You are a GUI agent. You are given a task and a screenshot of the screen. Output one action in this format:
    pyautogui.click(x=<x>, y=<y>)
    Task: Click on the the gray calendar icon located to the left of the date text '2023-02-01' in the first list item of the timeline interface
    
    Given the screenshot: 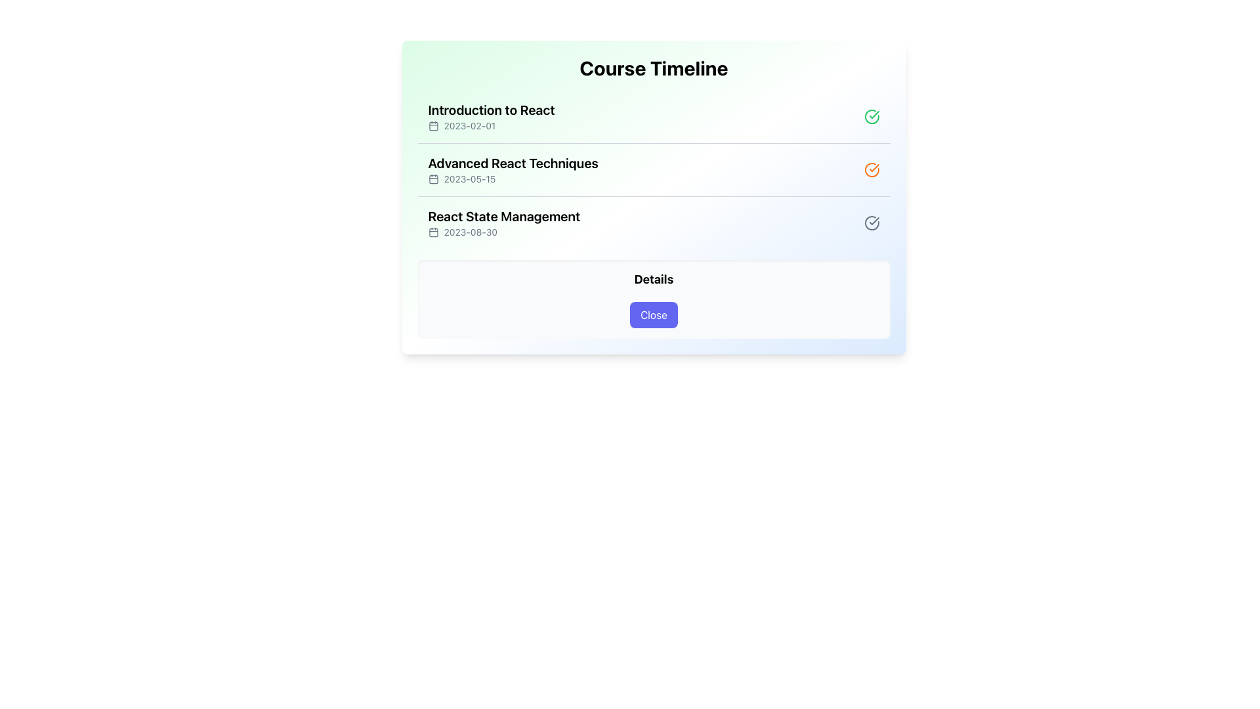 What is the action you would take?
    pyautogui.click(x=433, y=126)
    